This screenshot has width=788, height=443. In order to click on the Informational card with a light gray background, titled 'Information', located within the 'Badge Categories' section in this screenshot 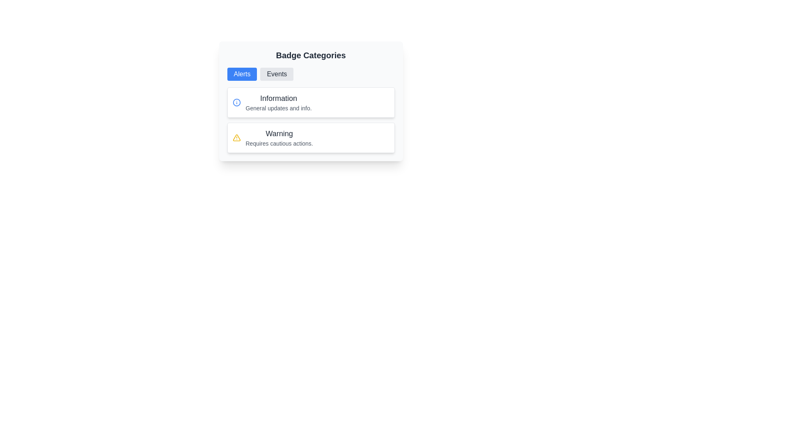, I will do `click(310, 100)`.